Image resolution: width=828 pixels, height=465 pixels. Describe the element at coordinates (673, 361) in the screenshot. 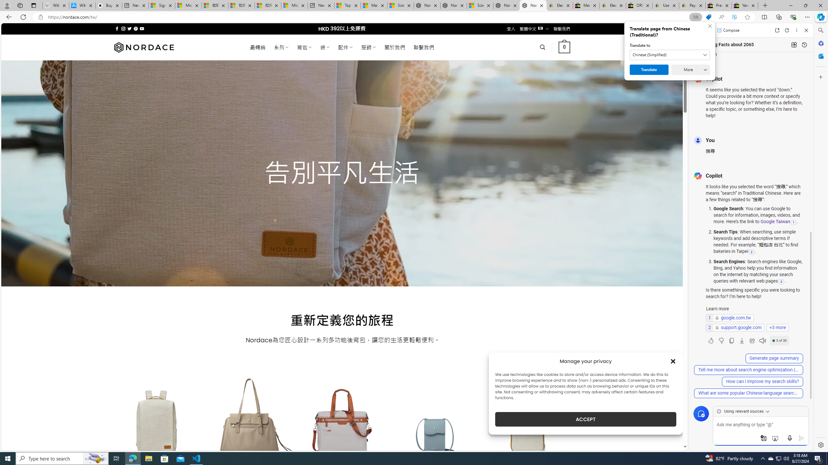

I see `'Class: cmplz-close'` at that location.